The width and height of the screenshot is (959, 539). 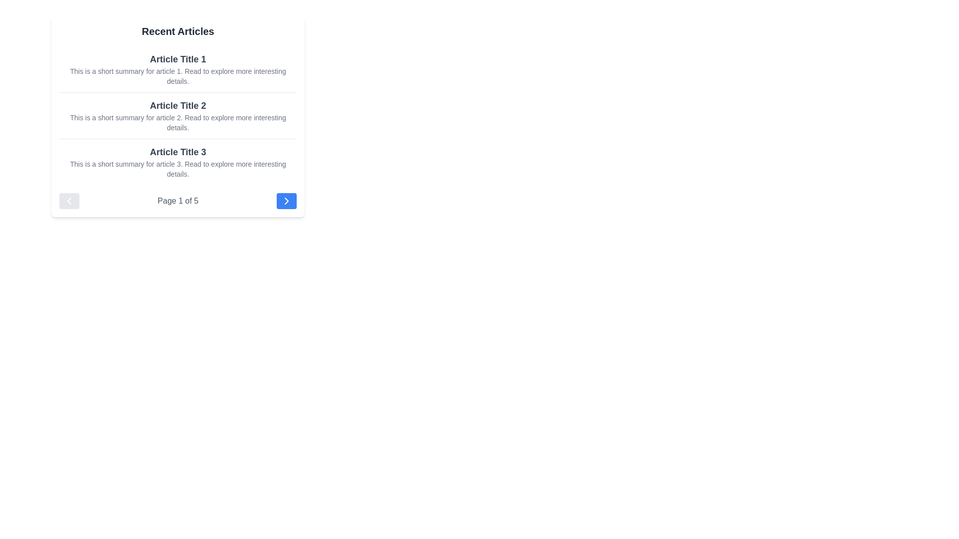 I want to click on the text block that contains the summary: 'This is a short summary for article 3. Read to explore more interesting details.' located beneath the heading 'Article Title 3', so click(x=178, y=169).